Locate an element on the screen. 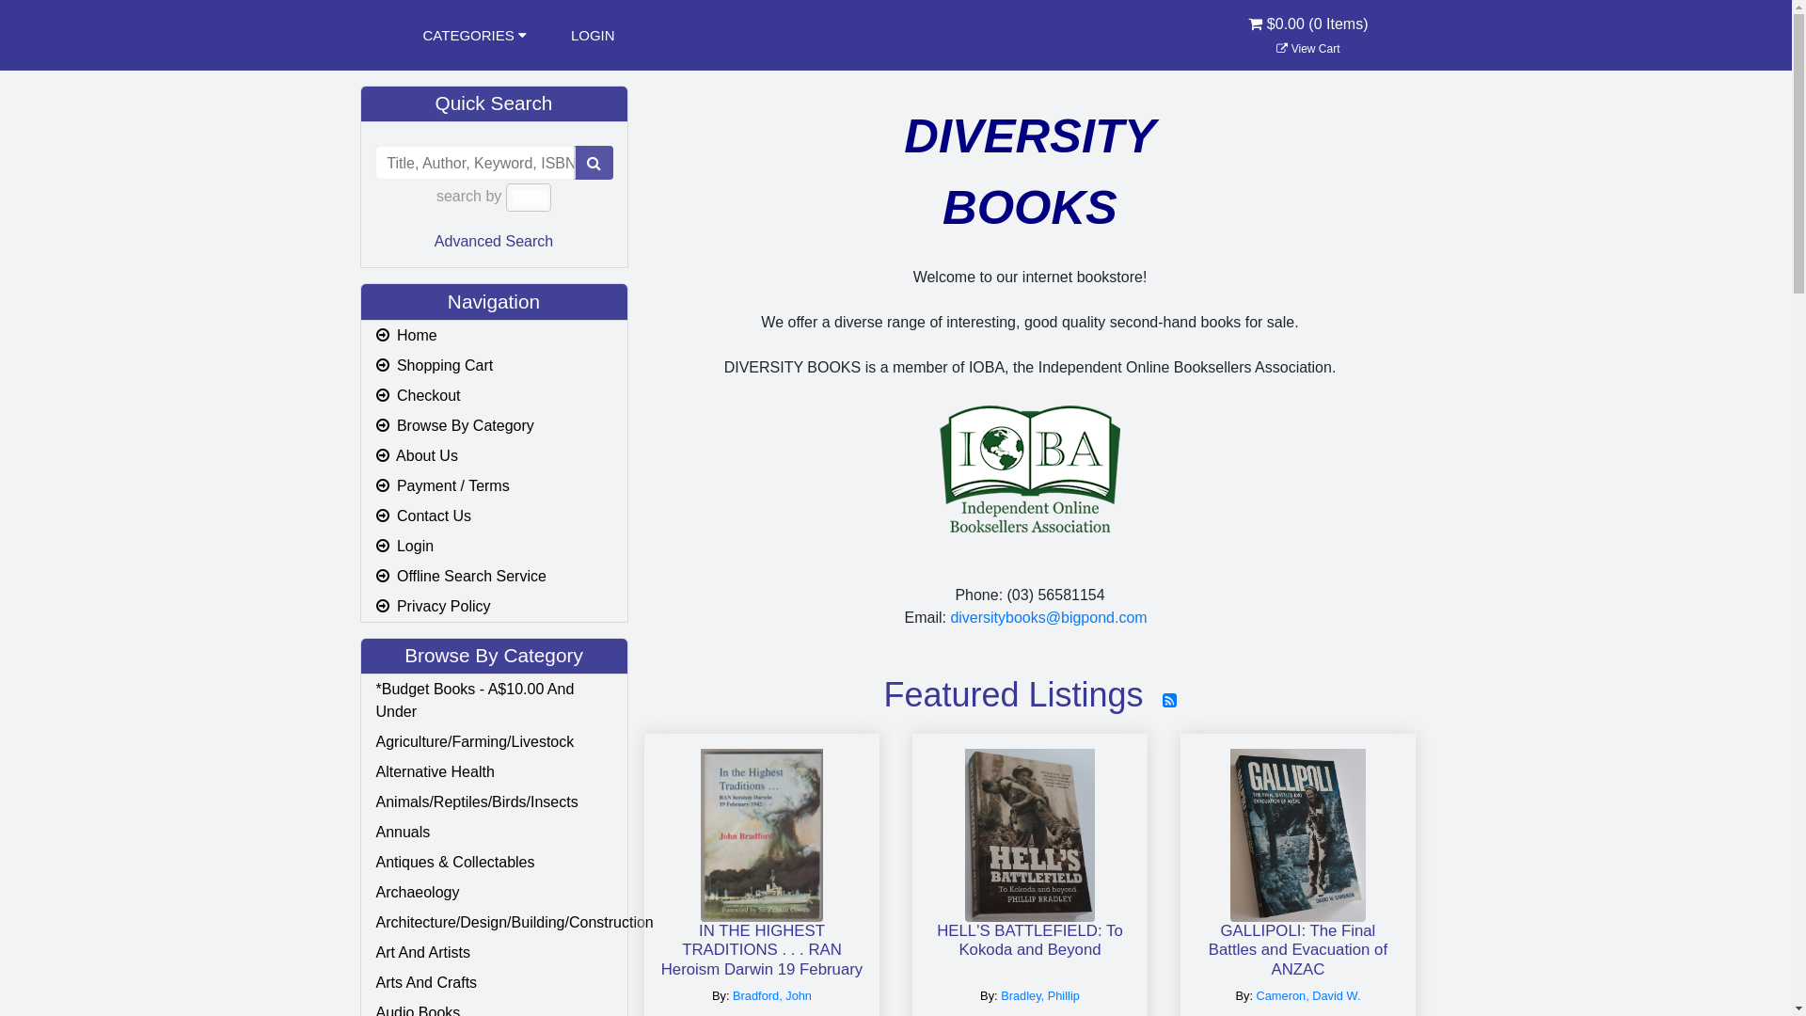 The width and height of the screenshot is (1806, 1016). ' Contact Us' is located at coordinates (494, 516).